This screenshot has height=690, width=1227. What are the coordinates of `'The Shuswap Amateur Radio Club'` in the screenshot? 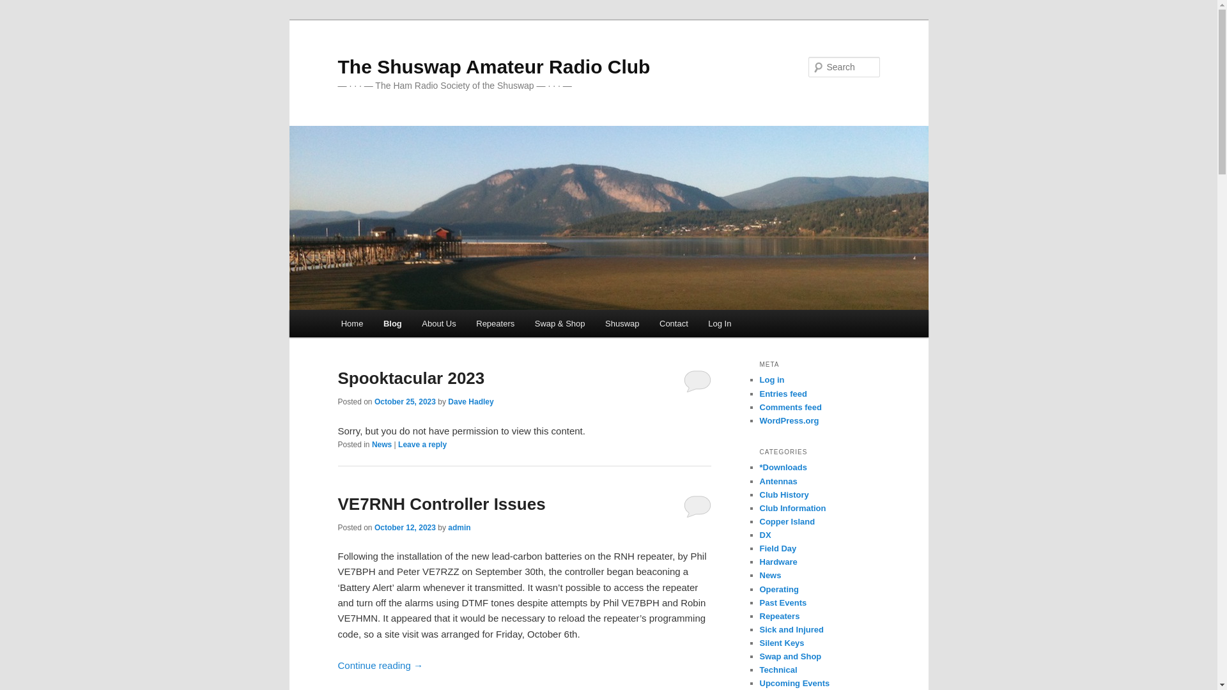 It's located at (493, 66).